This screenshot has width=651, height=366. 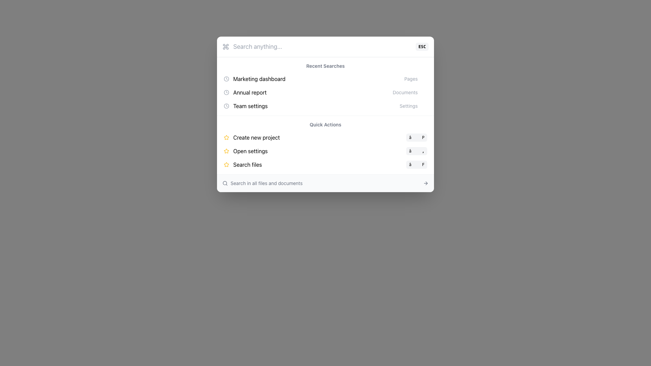 I want to click on the magnifying glass icon located at the bottom-left corner of the interactive popup panel, next to the text 'Search in all files and documents.', so click(x=225, y=183).